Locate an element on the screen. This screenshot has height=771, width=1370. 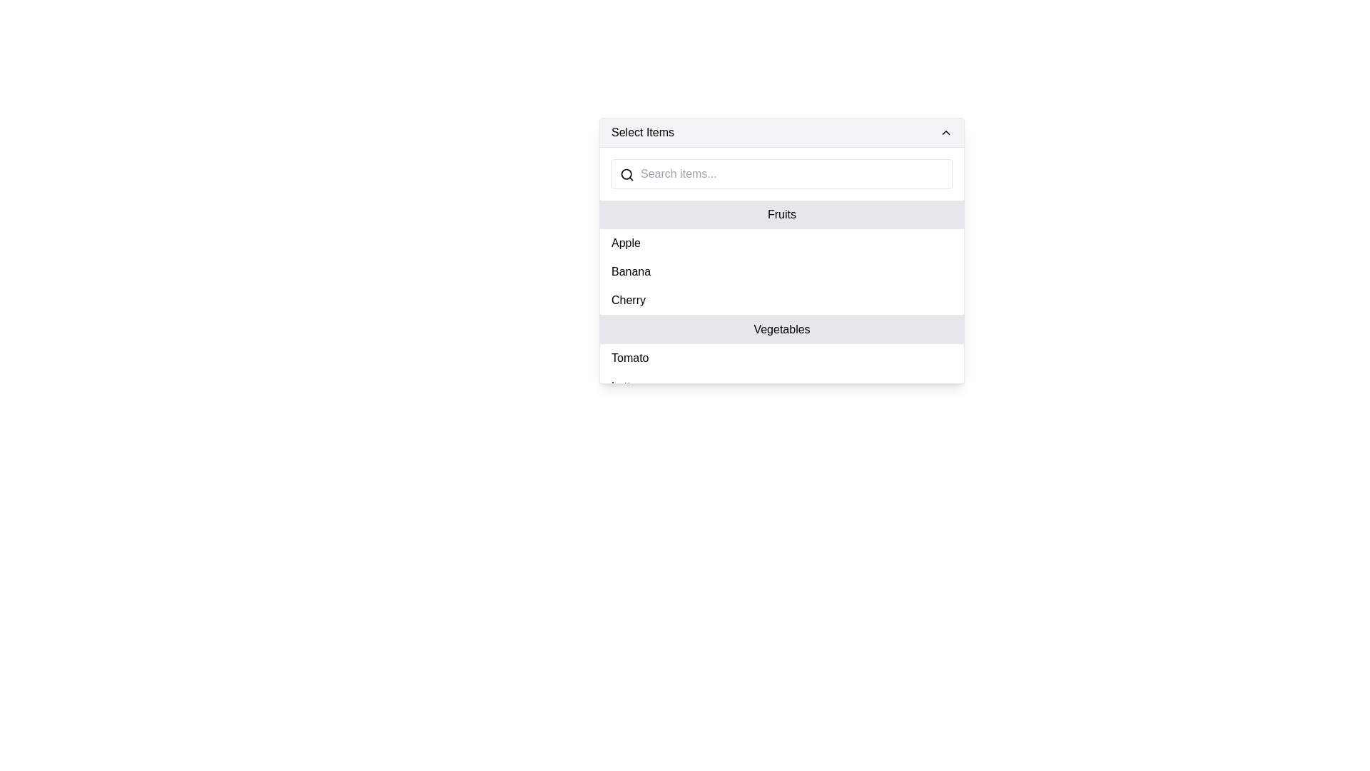
the 'Apple' text label in the selectable list item under the 'Fruits' section is located at coordinates (626, 242).